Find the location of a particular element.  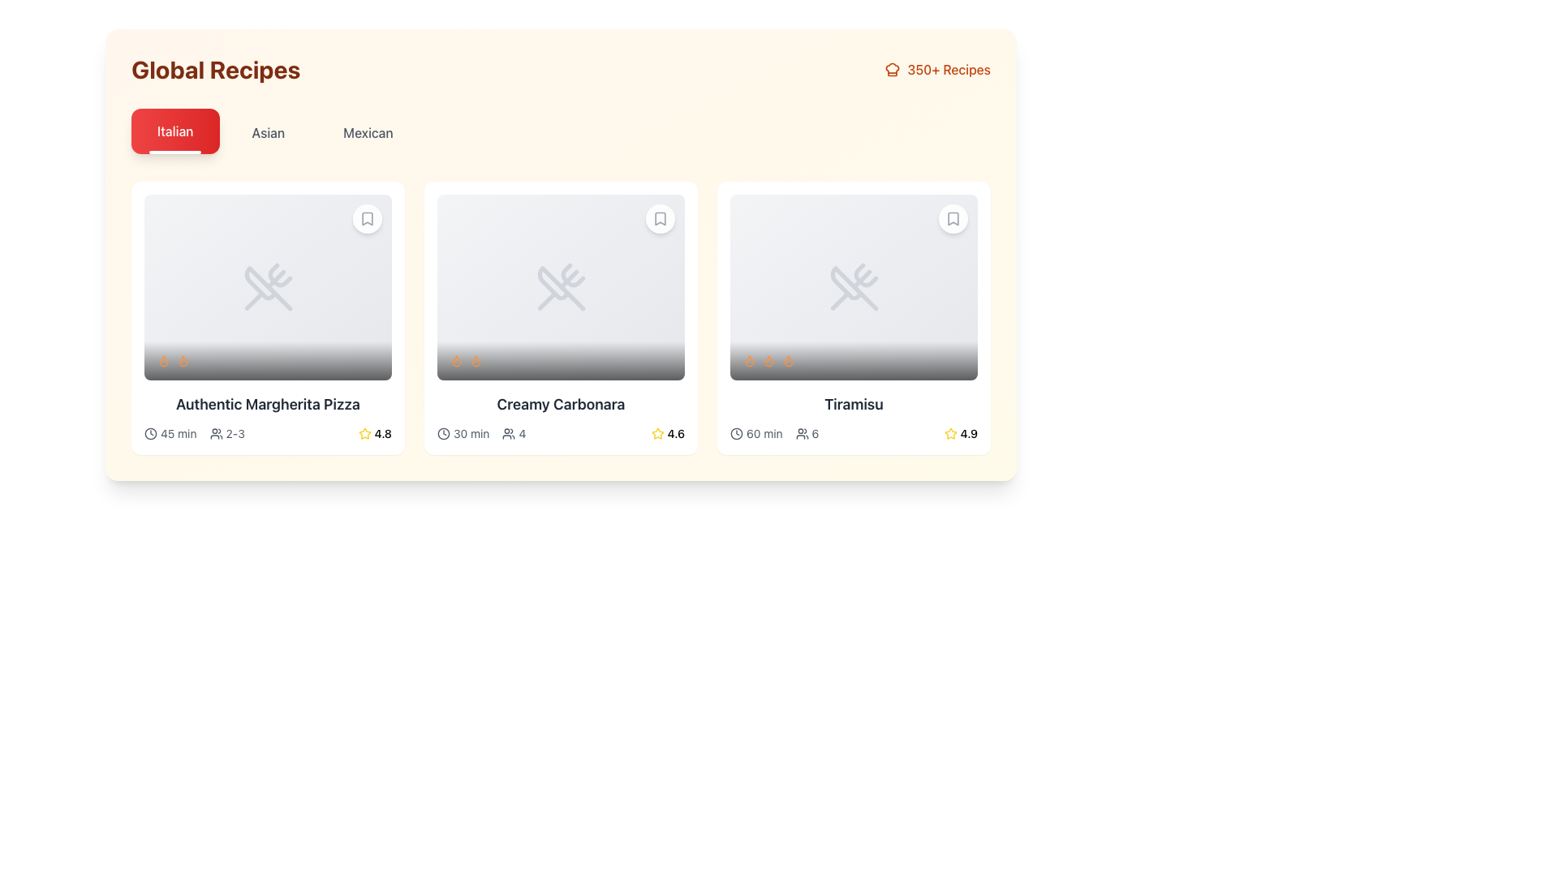

the text label displaying '350+ Recipes' located at the top-right corner of the interface, near the chef's hat icon is located at coordinates (949, 68).